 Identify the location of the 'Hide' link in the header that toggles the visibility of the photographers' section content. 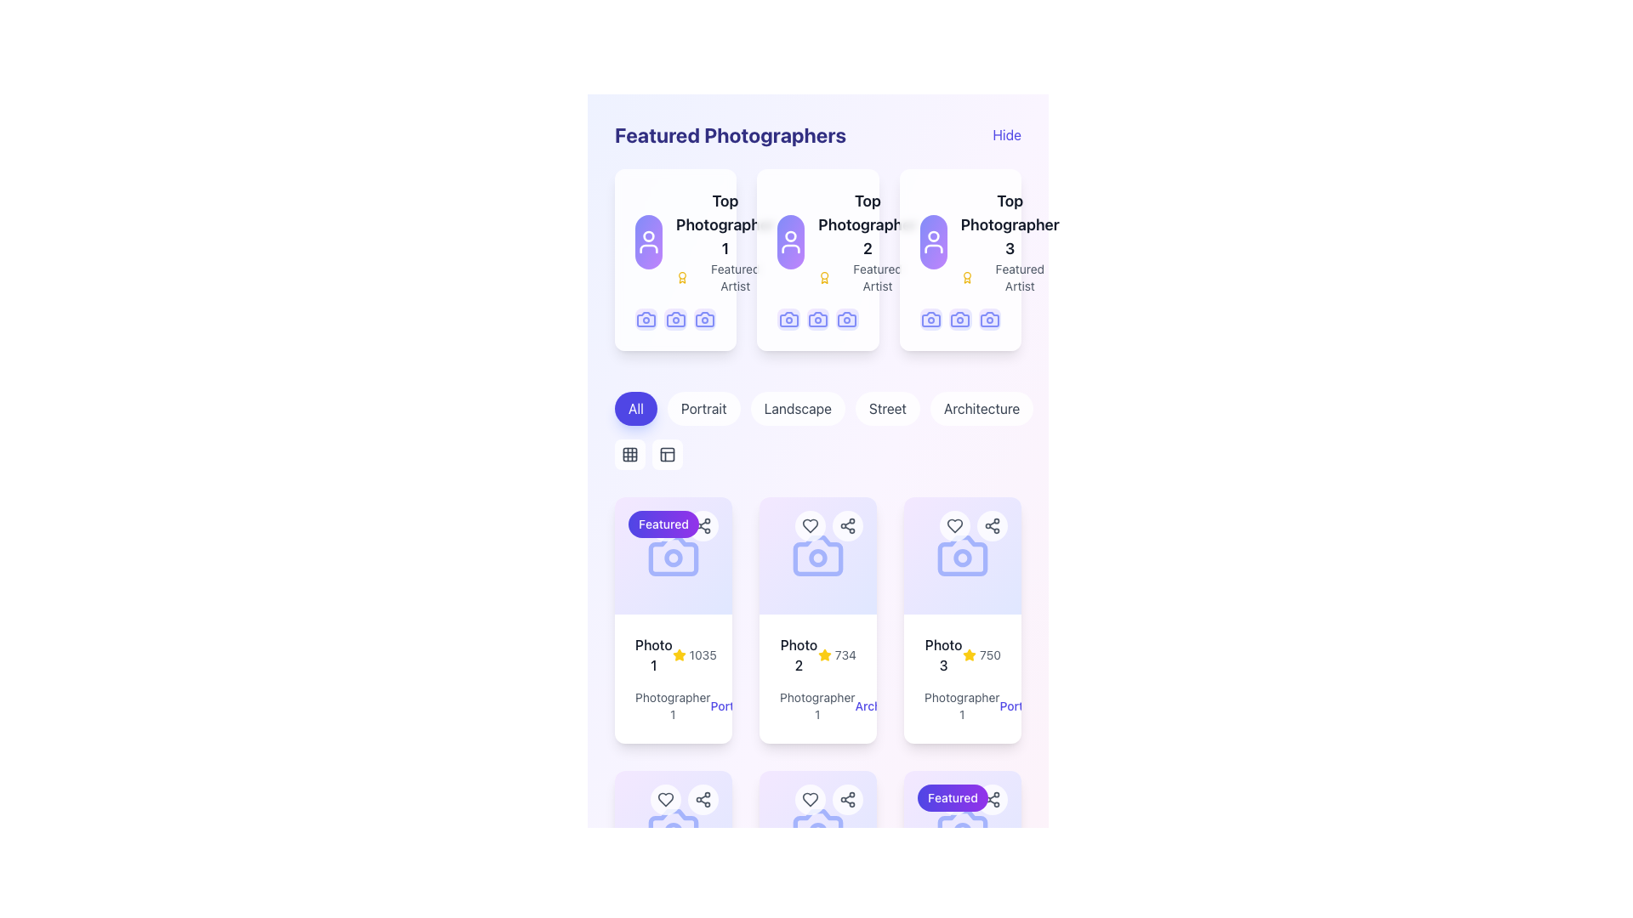
(817, 133).